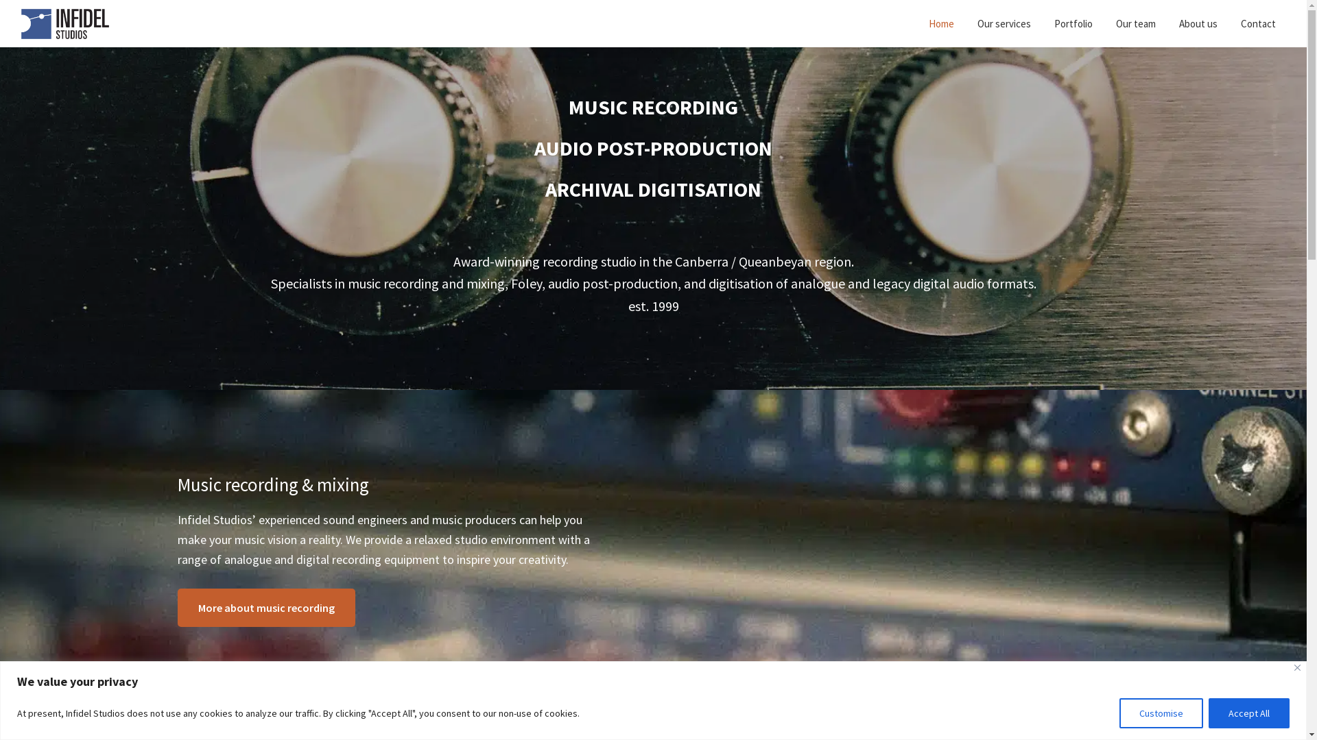 Image resolution: width=1317 pixels, height=740 pixels. I want to click on 'Our team', so click(1136, 23).